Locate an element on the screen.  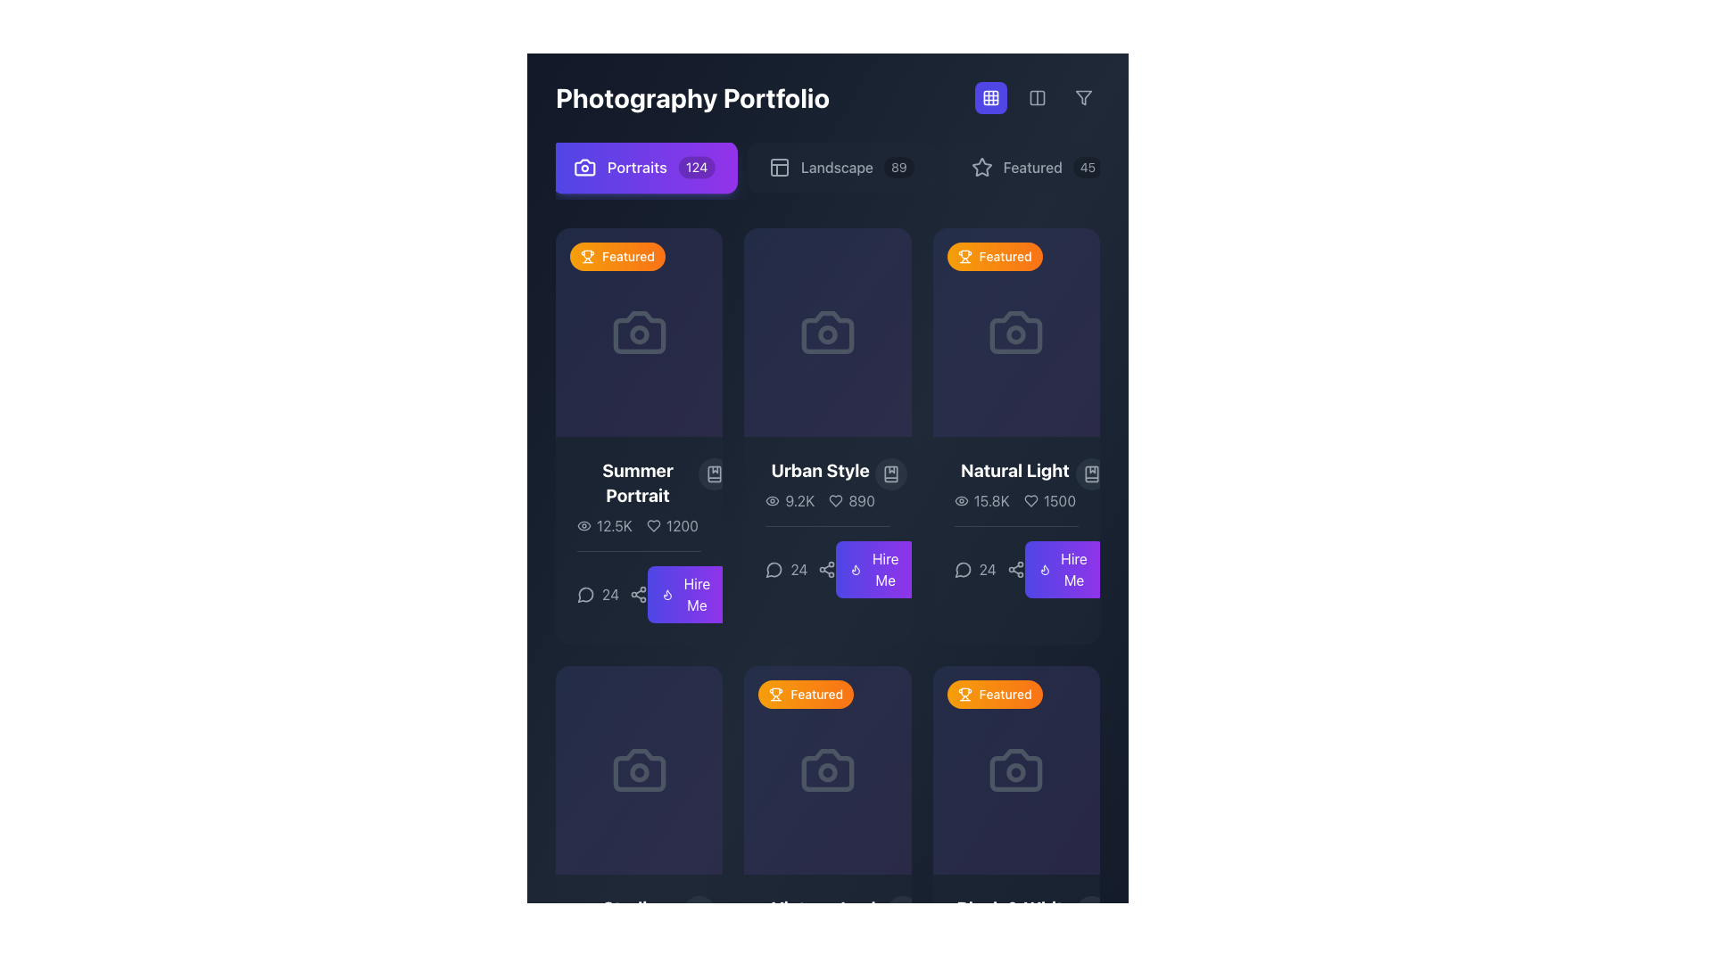
the numerical display that shows the view count located below the 'Natural Light' card in the third column, which is visually paired with an eye icon on the left is located at coordinates (981, 501).